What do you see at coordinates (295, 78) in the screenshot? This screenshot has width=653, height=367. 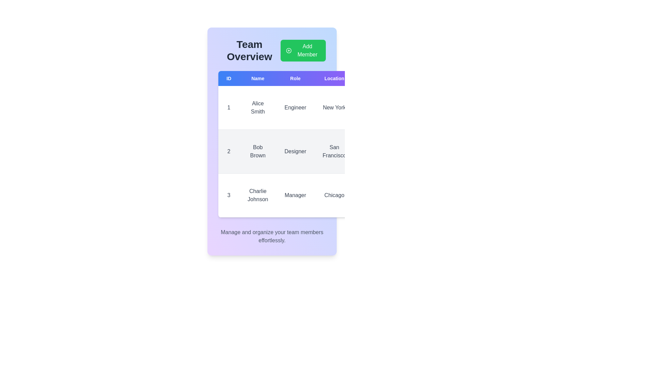 I see `the 'Role' header text label in the data table, which is the third header from the left, located between 'Name' and 'Location'` at bounding box center [295, 78].